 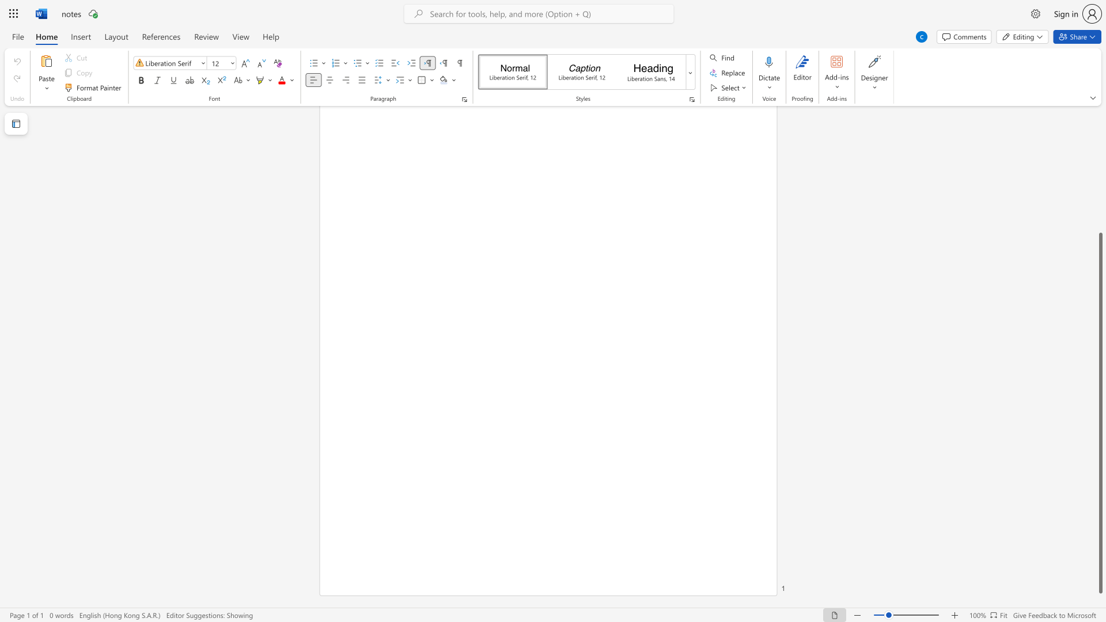 I want to click on the scrollbar and move up 280 pixels, so click(x=1100, y=412).